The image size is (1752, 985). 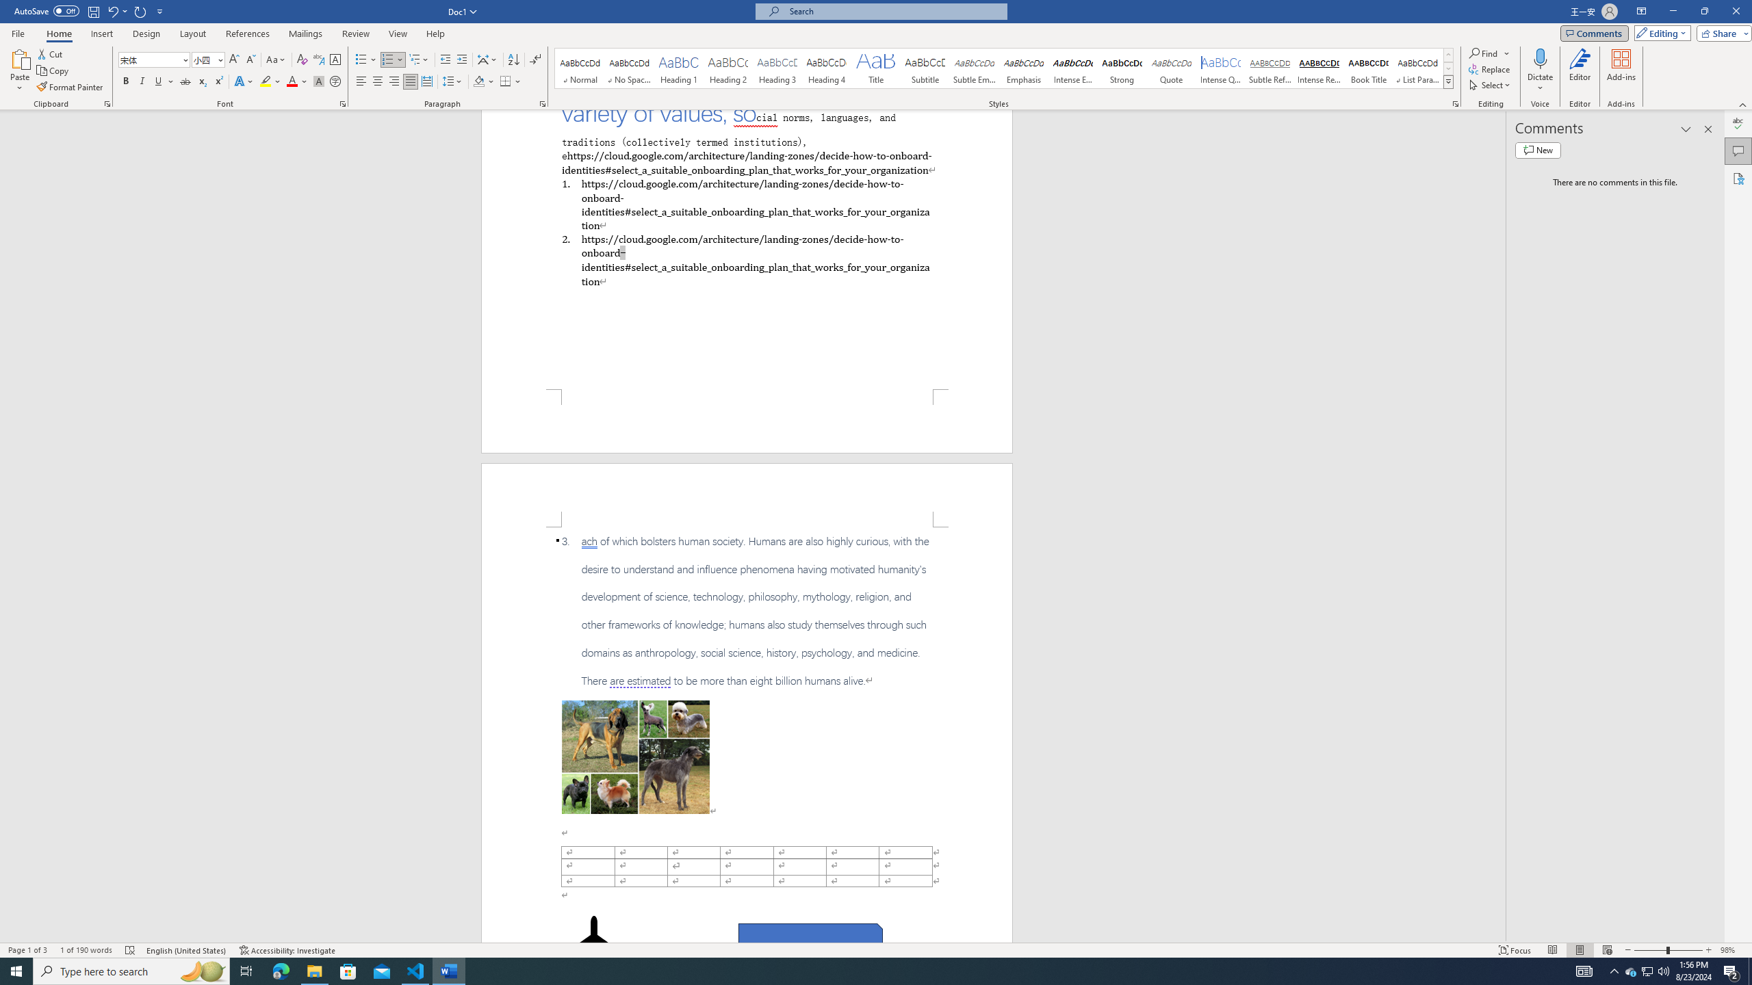 I want to click on 'Accessibility', so click(x=1738, y=178).